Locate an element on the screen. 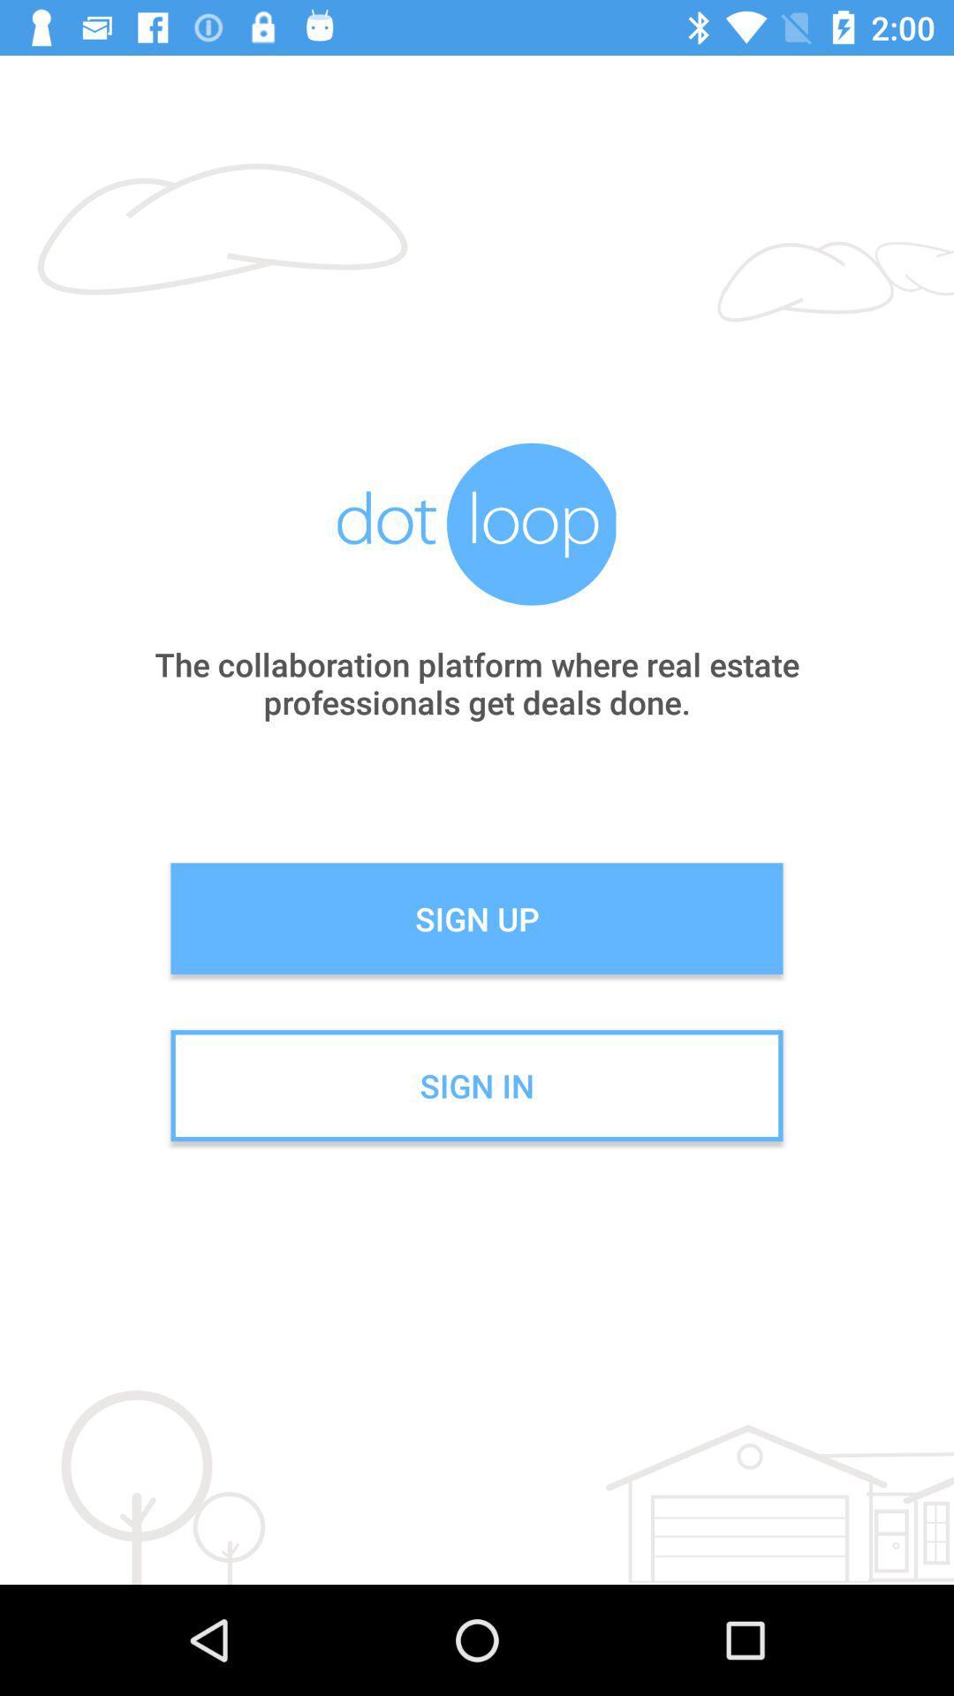 This screenshot has height=1696, width=954. sign in icon is located at coordinates (477, 1085).